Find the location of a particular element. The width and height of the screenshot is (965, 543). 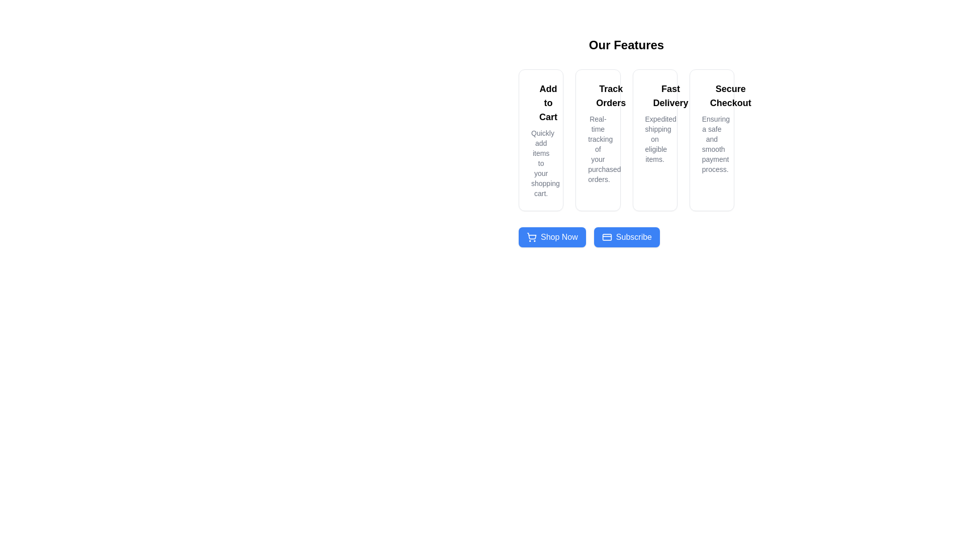

the 'Shop Now' text label, which is styled in white font on a blue background is located at coordinates (558, 237).